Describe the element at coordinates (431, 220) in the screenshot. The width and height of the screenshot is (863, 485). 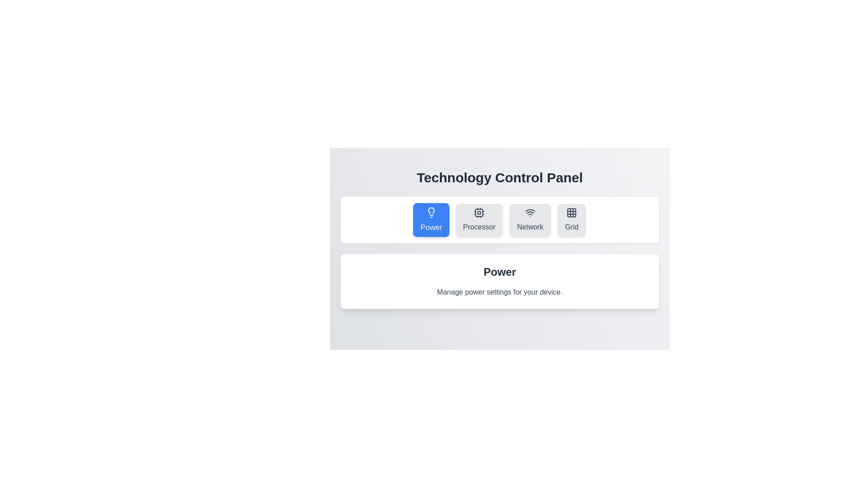
I see `the Power tab in the TechControlPanel` at that location.